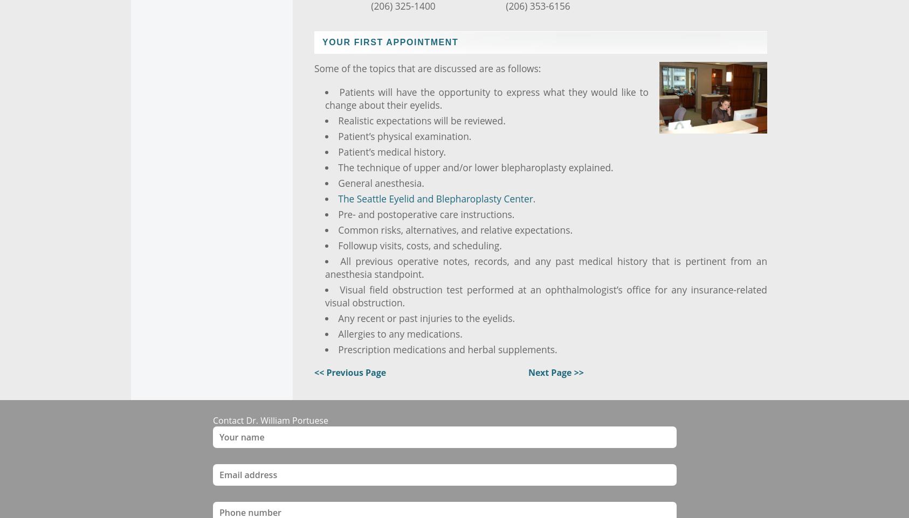 Image resolution: width=909 pixels, height=518 pixels. Describe the element at coordinates (338, 198) in the screenshot. I see `'The Seattle Eyelid and Blepharoplasty Center'` at that location.